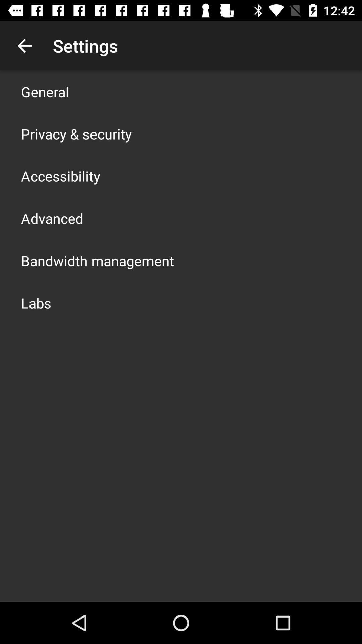 This screenshot has height=644, width=362. Describe the element at coordinates (24, 45) in the screenshot. I see `item to the left of settings app` at that location.